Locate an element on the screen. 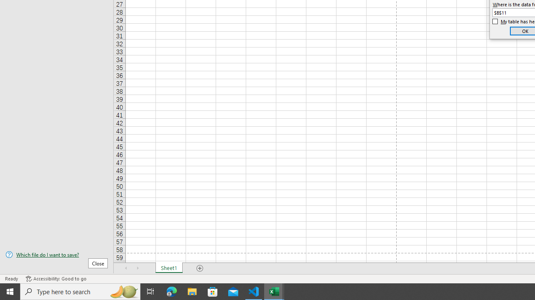  'Sheet1' is located at coordinates (168, 268).